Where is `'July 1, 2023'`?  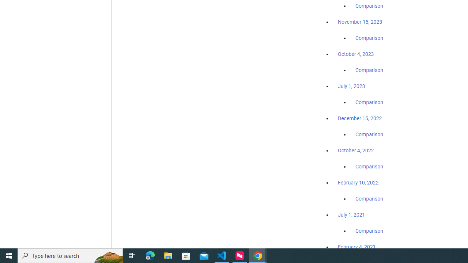
'July 1, 2023' is located at coordinates (351, 86).